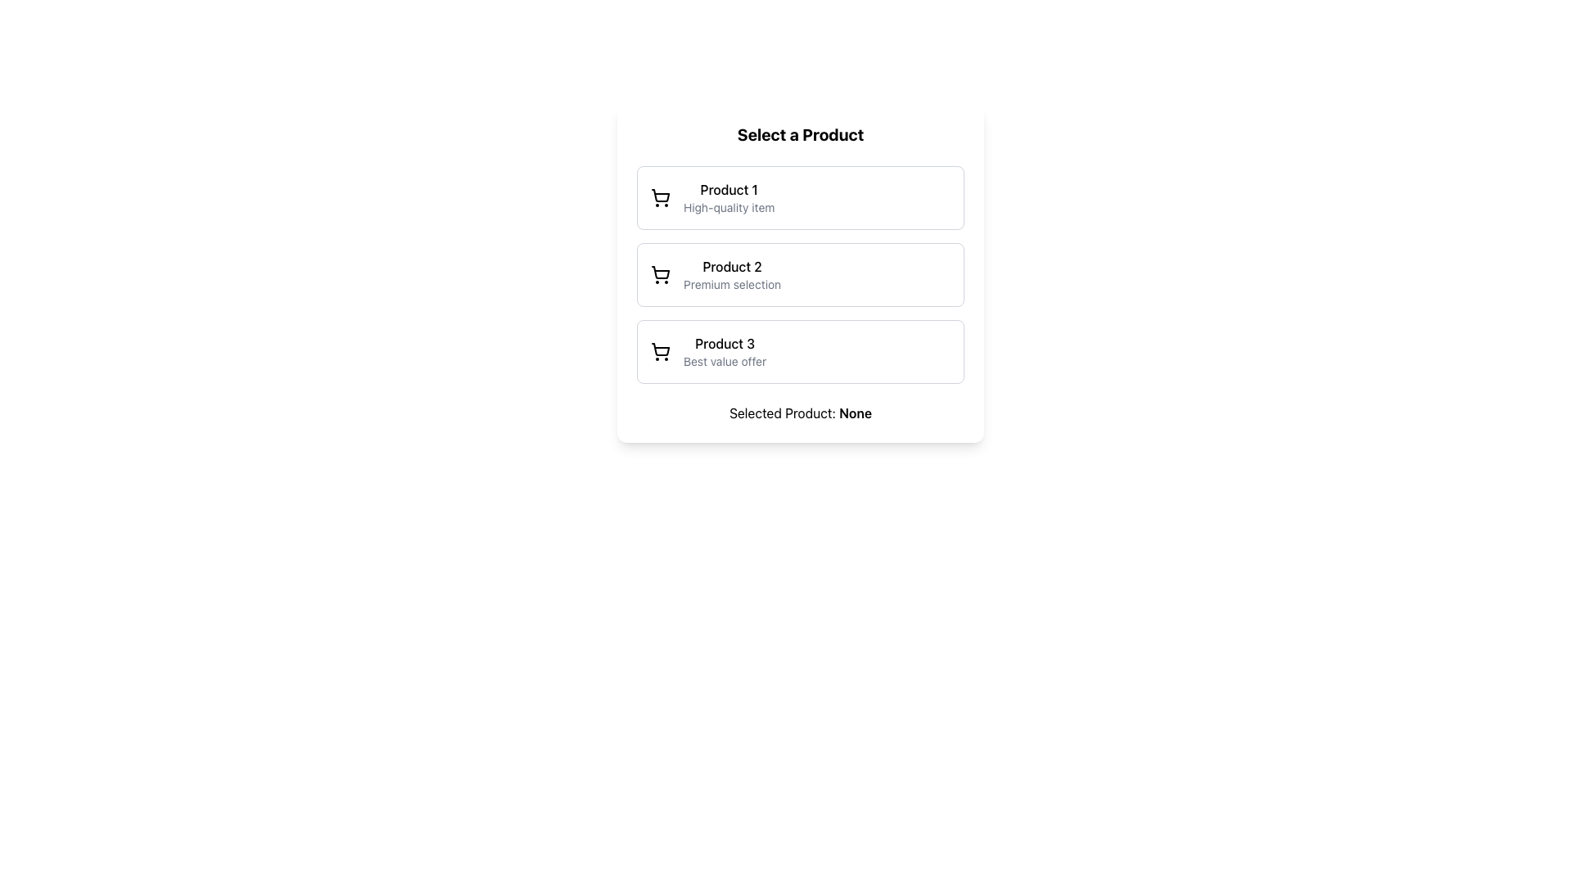 The image size is (1572, 884). I want to click on the descriptive text label providing information about 'Product 1', located directly beneath the 'Product 1' text in the product listing, so click(728, 207).